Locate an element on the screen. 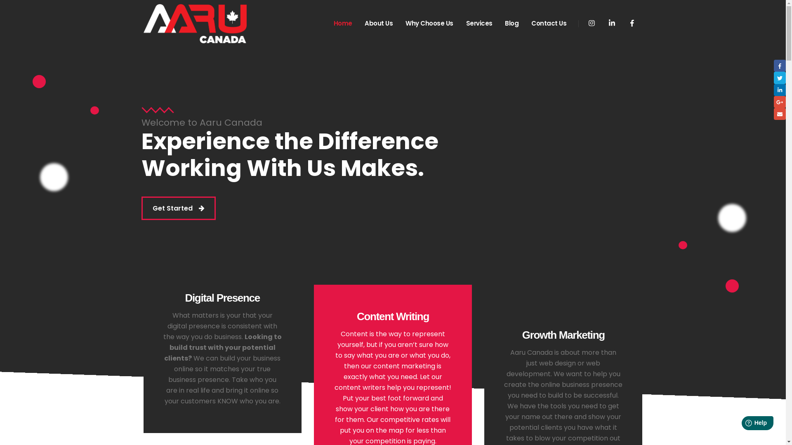 The height and width of the screenshot is (445, 792). 'LinkedIn' is located at coordinates (779, 90).